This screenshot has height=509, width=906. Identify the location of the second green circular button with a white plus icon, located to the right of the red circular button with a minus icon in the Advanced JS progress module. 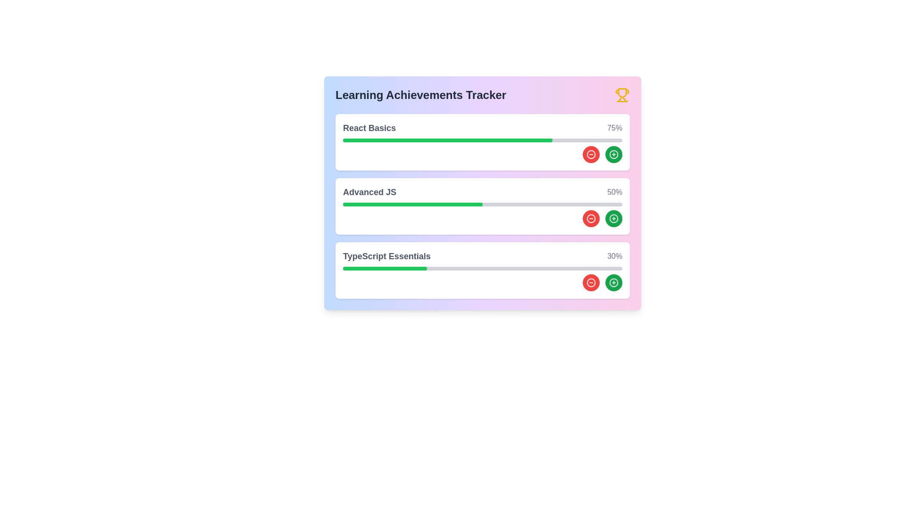
(613, 218).